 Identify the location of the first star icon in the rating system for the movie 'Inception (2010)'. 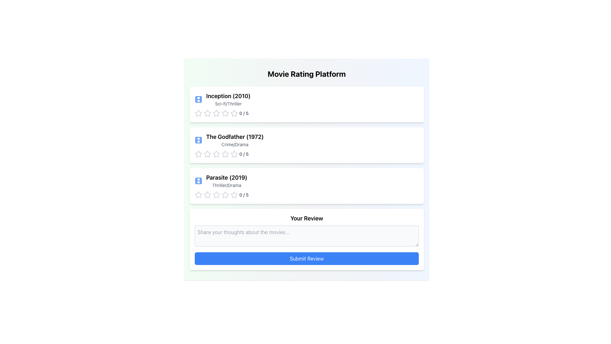
(207, 113).